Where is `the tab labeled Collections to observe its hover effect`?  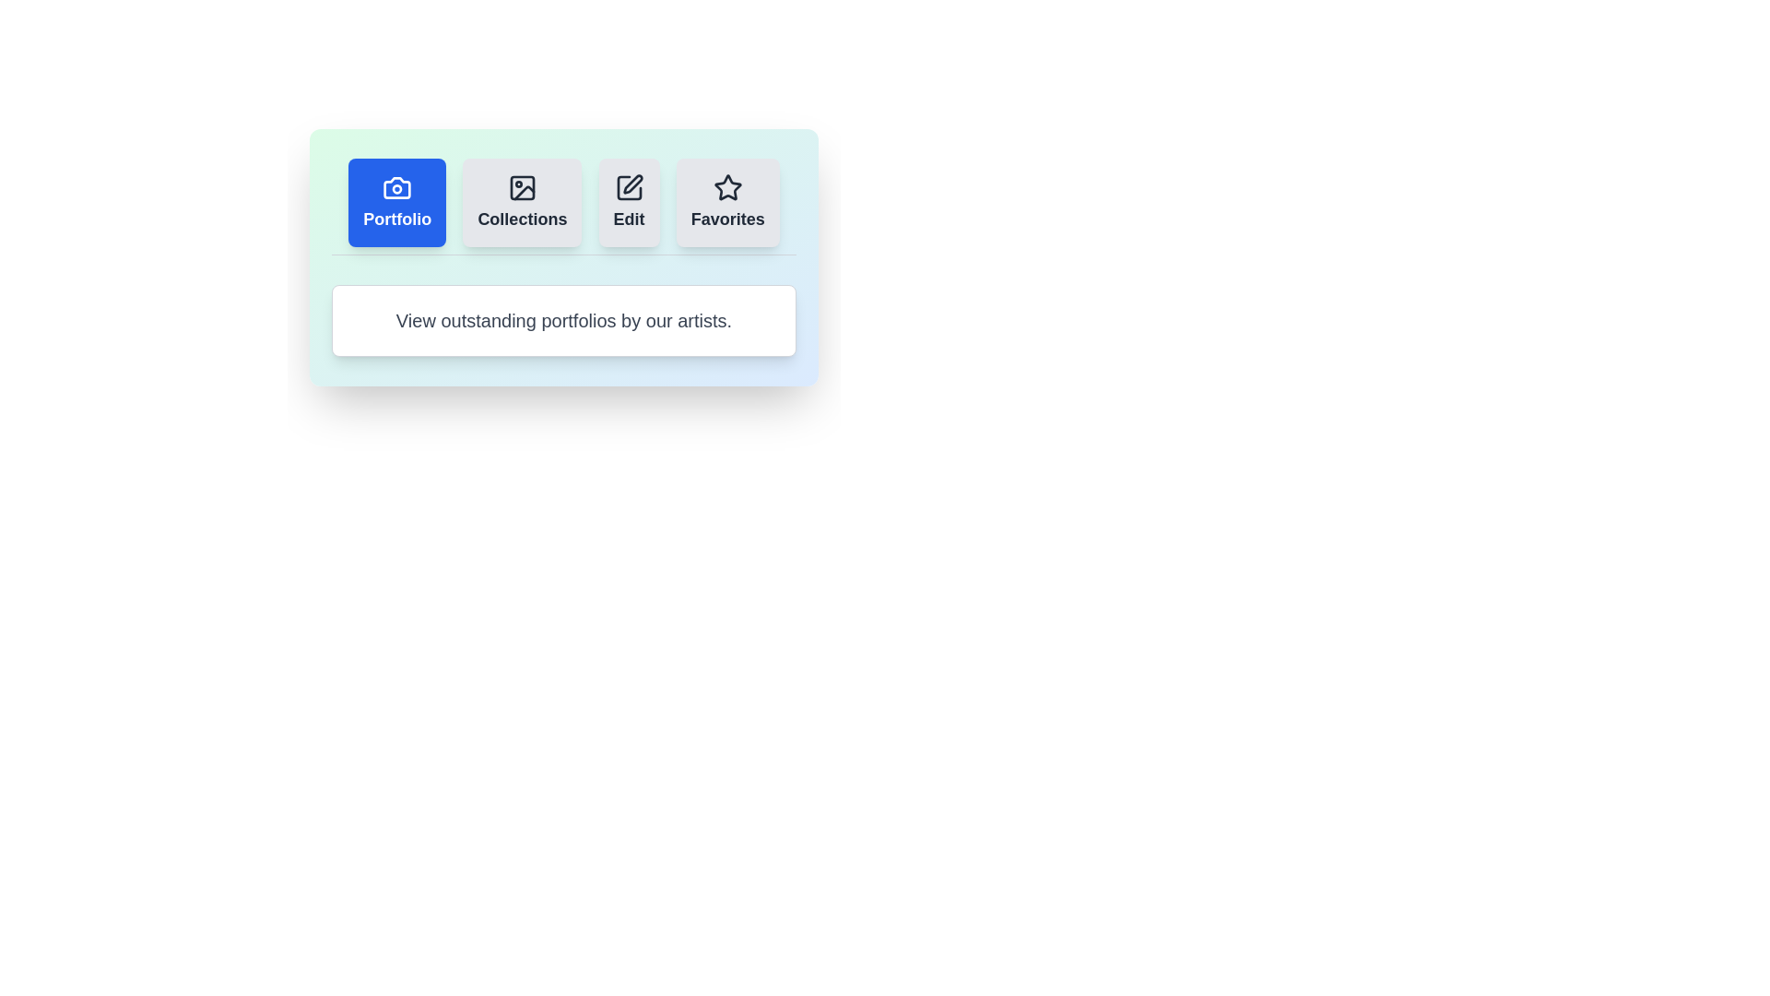
the tab labeled Collections to observe its hover effect is located at coordinates (521, 202).